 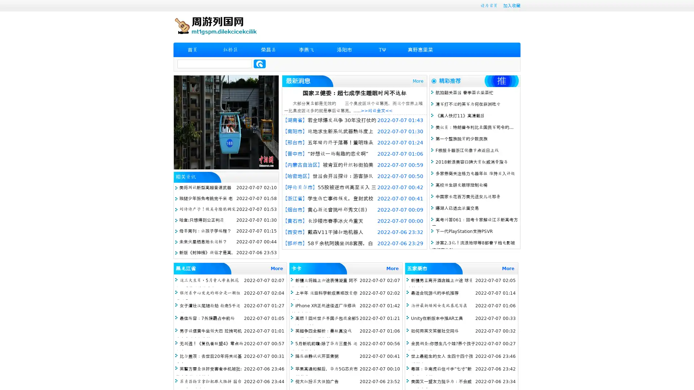 What do you see at coordinates (260, 64) in the screenshot?
I see `Search` at bounding box center [260, 64].